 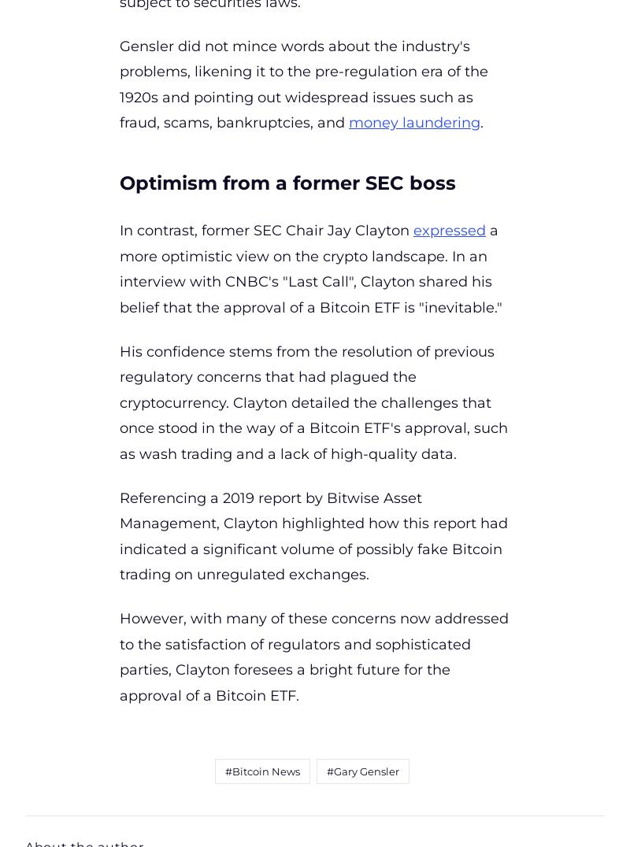 What do you see at coordinates (361, 771) in the screenshot?
I see `'#Gary Gensler'` at bounding box center [361, 771].